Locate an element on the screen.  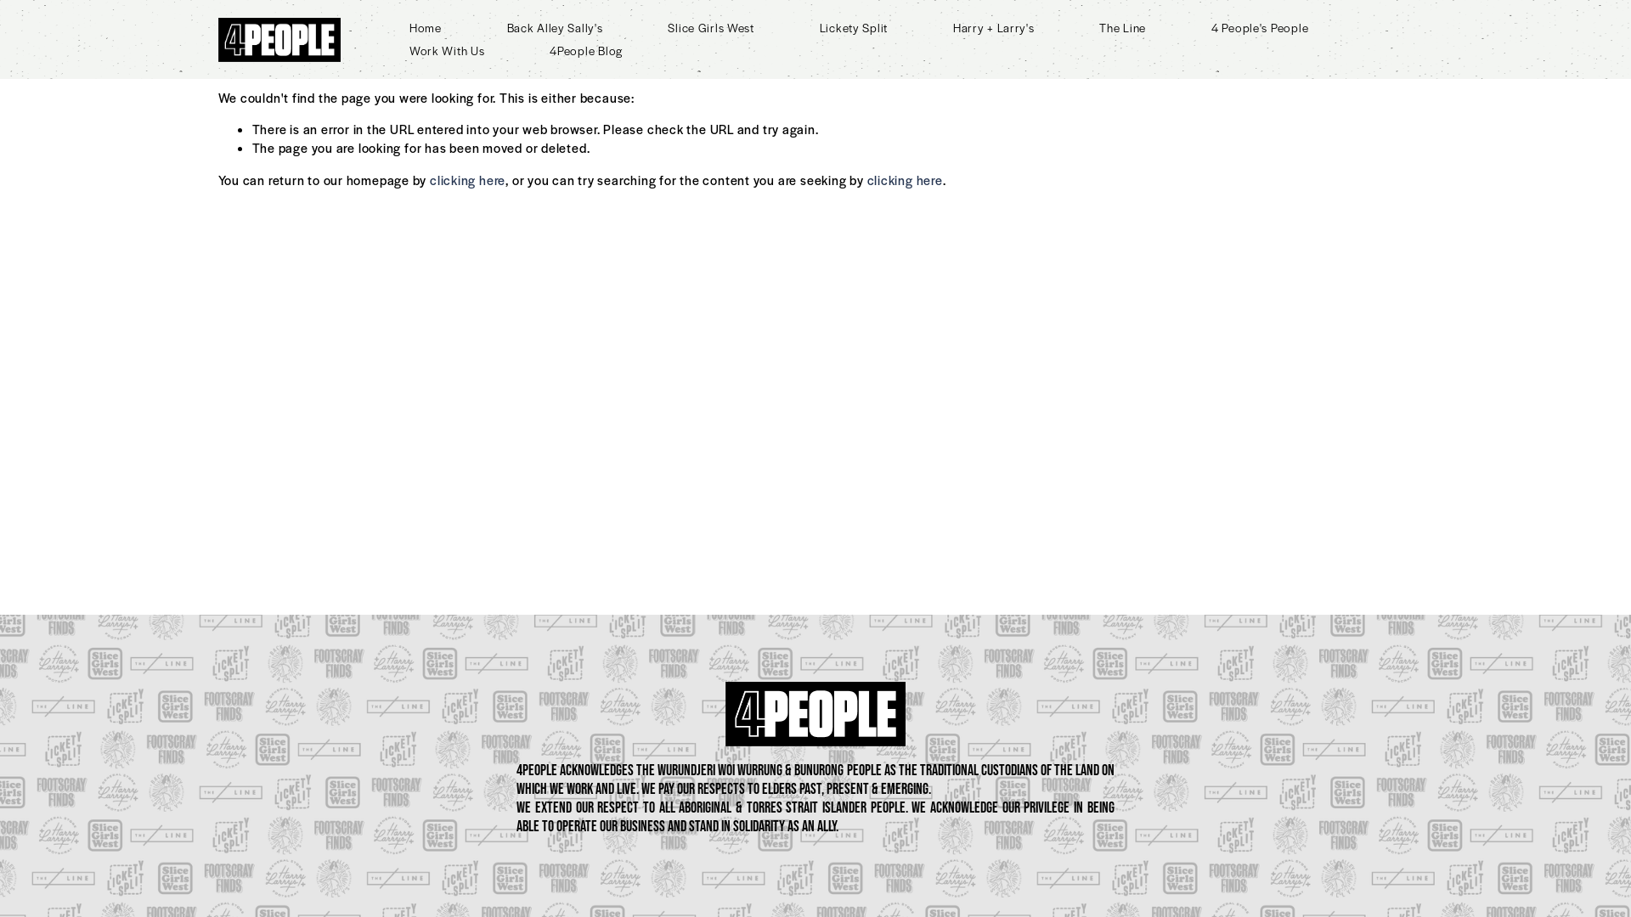
'Lickety Split' is located at coordinates (853, 27).